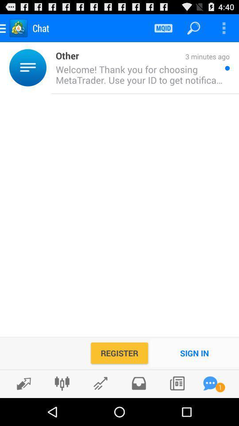 This screenshot has width=239, height=426. Describe the element at coordinates (210, 383) in the screenshot. I see `apps` at that location.